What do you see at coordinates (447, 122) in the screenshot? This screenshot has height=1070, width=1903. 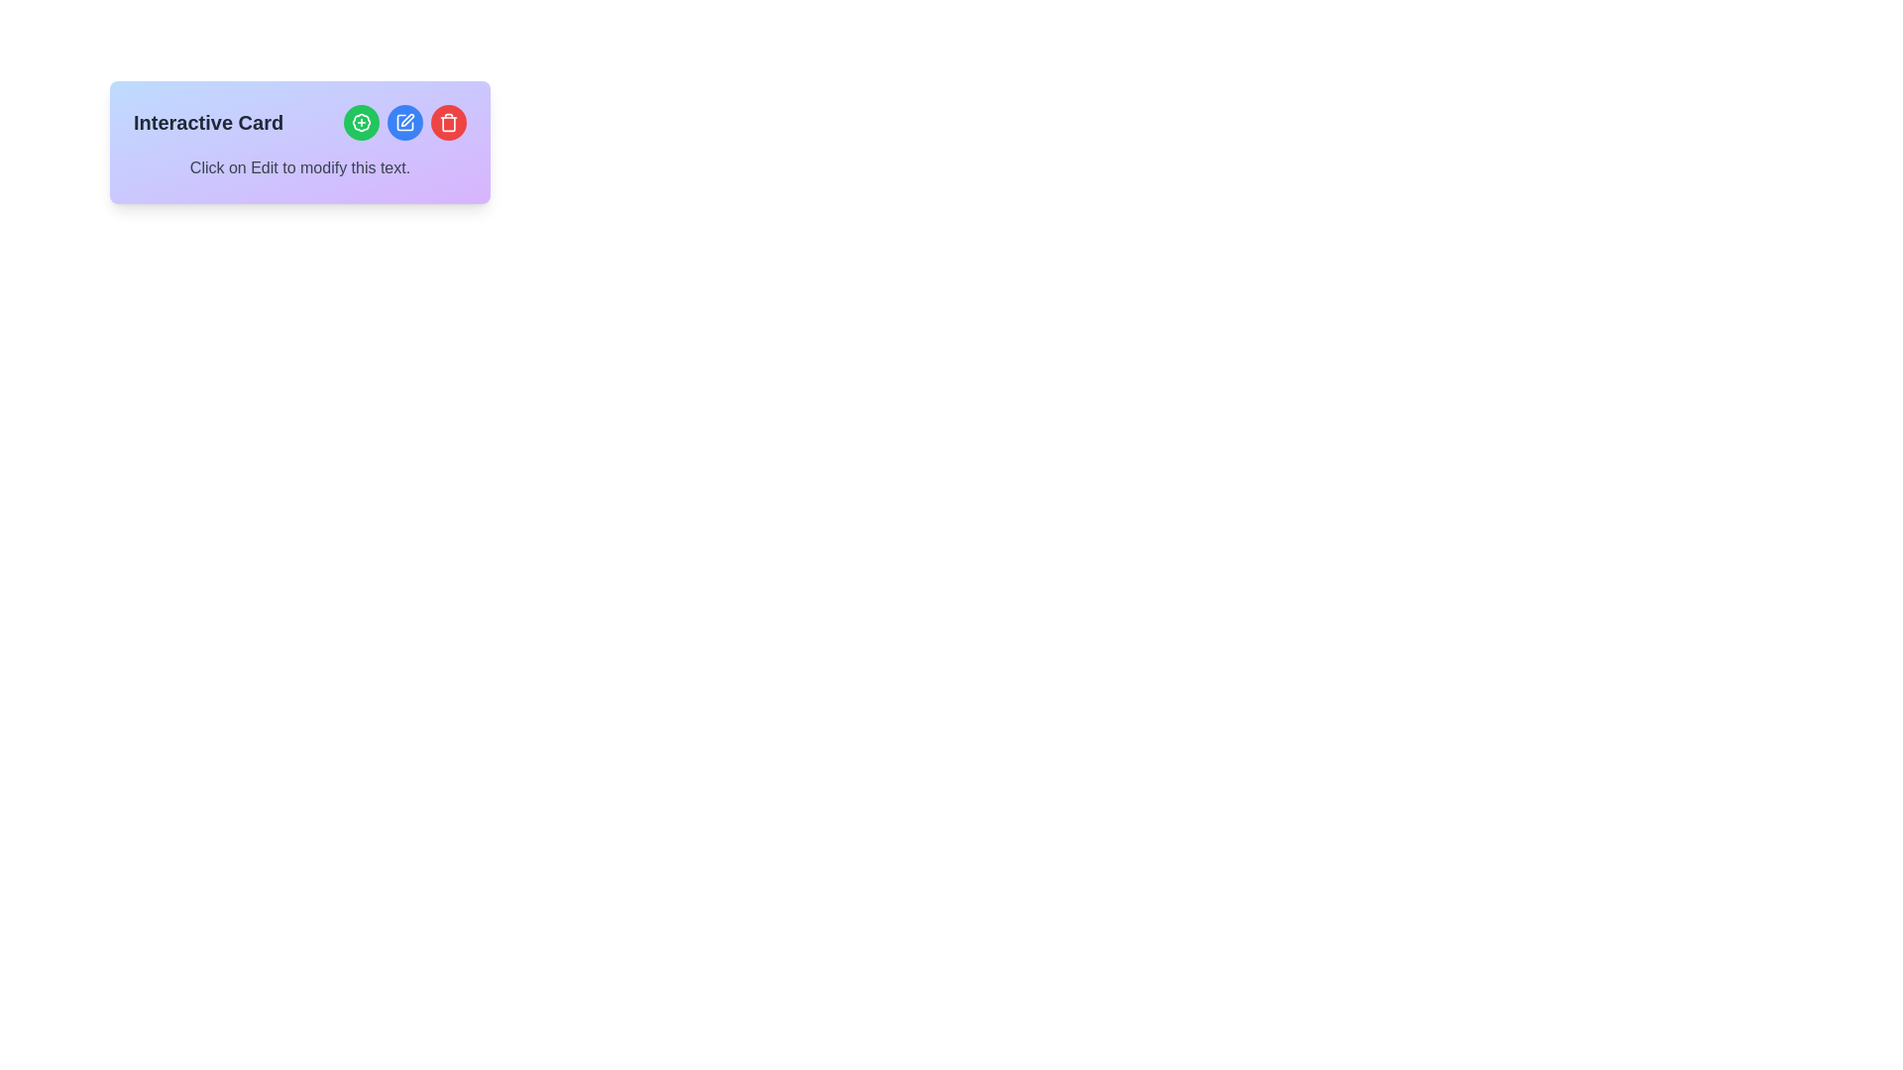 I see `the red trash can icon located in the top-right section of the card interface` at bounding box center [447, 122].